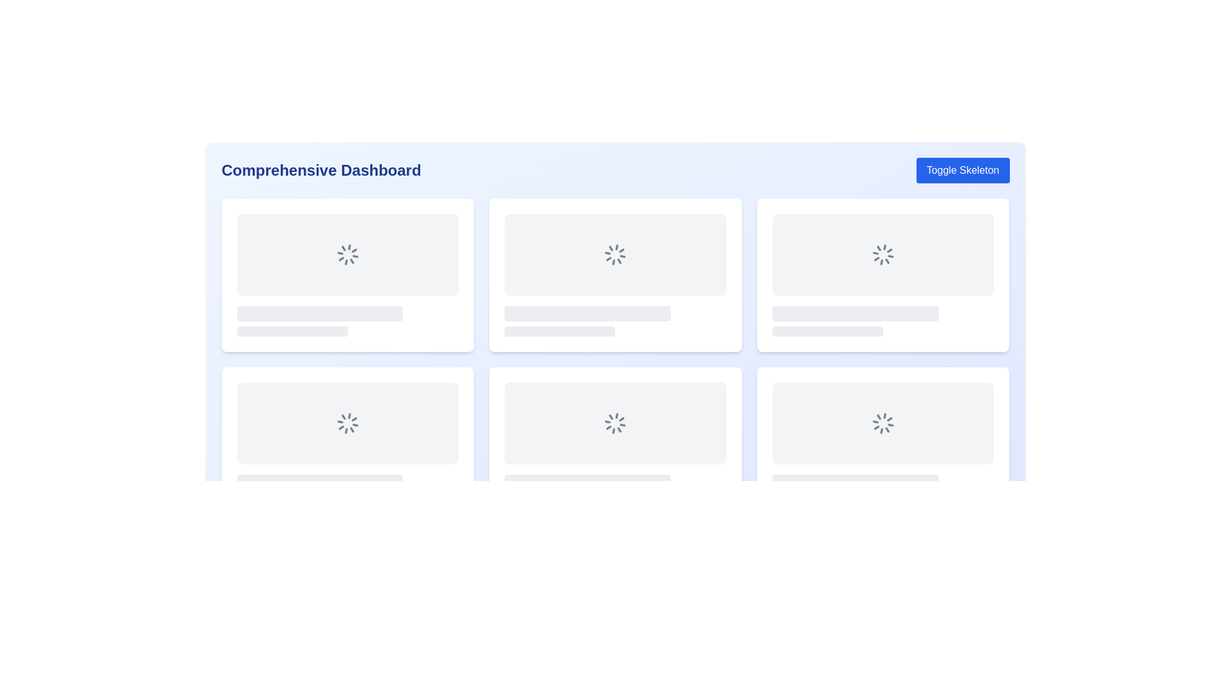 The height and width of the screenshot is (690, 1228). Describe the element at coordinates (560, 331) in the screenshot. I see `the Skeleton loading bar, which is a rounded horizontal bar styled with light gray color, positioned beneath a wider horizontal bar in a card layout` at that location.